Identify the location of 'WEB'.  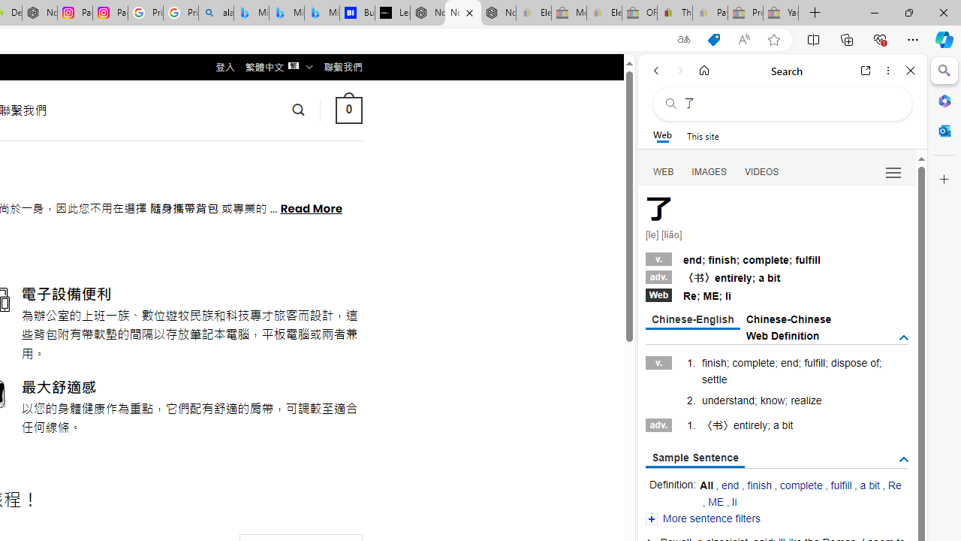
(663, 171).